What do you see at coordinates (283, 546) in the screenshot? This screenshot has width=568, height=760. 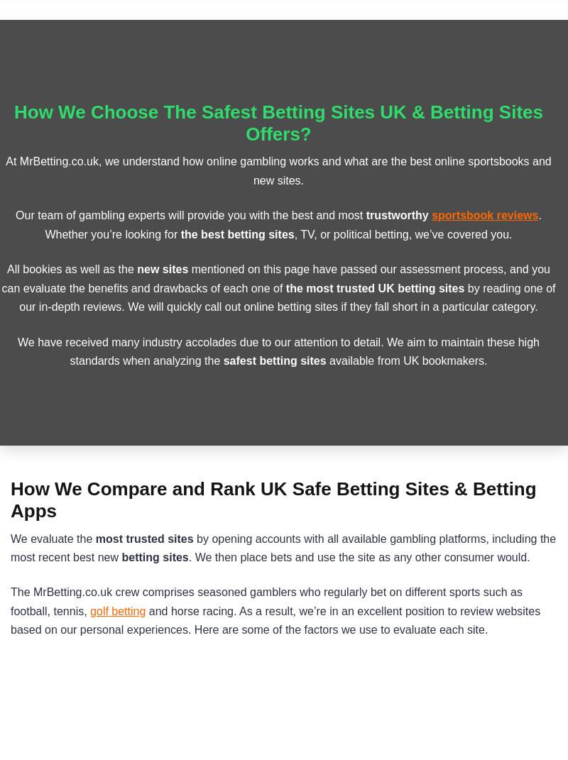 I see `'by opening accounts with all available gambling platforms, including the most recent best new'` at bounding box center [283, 546].